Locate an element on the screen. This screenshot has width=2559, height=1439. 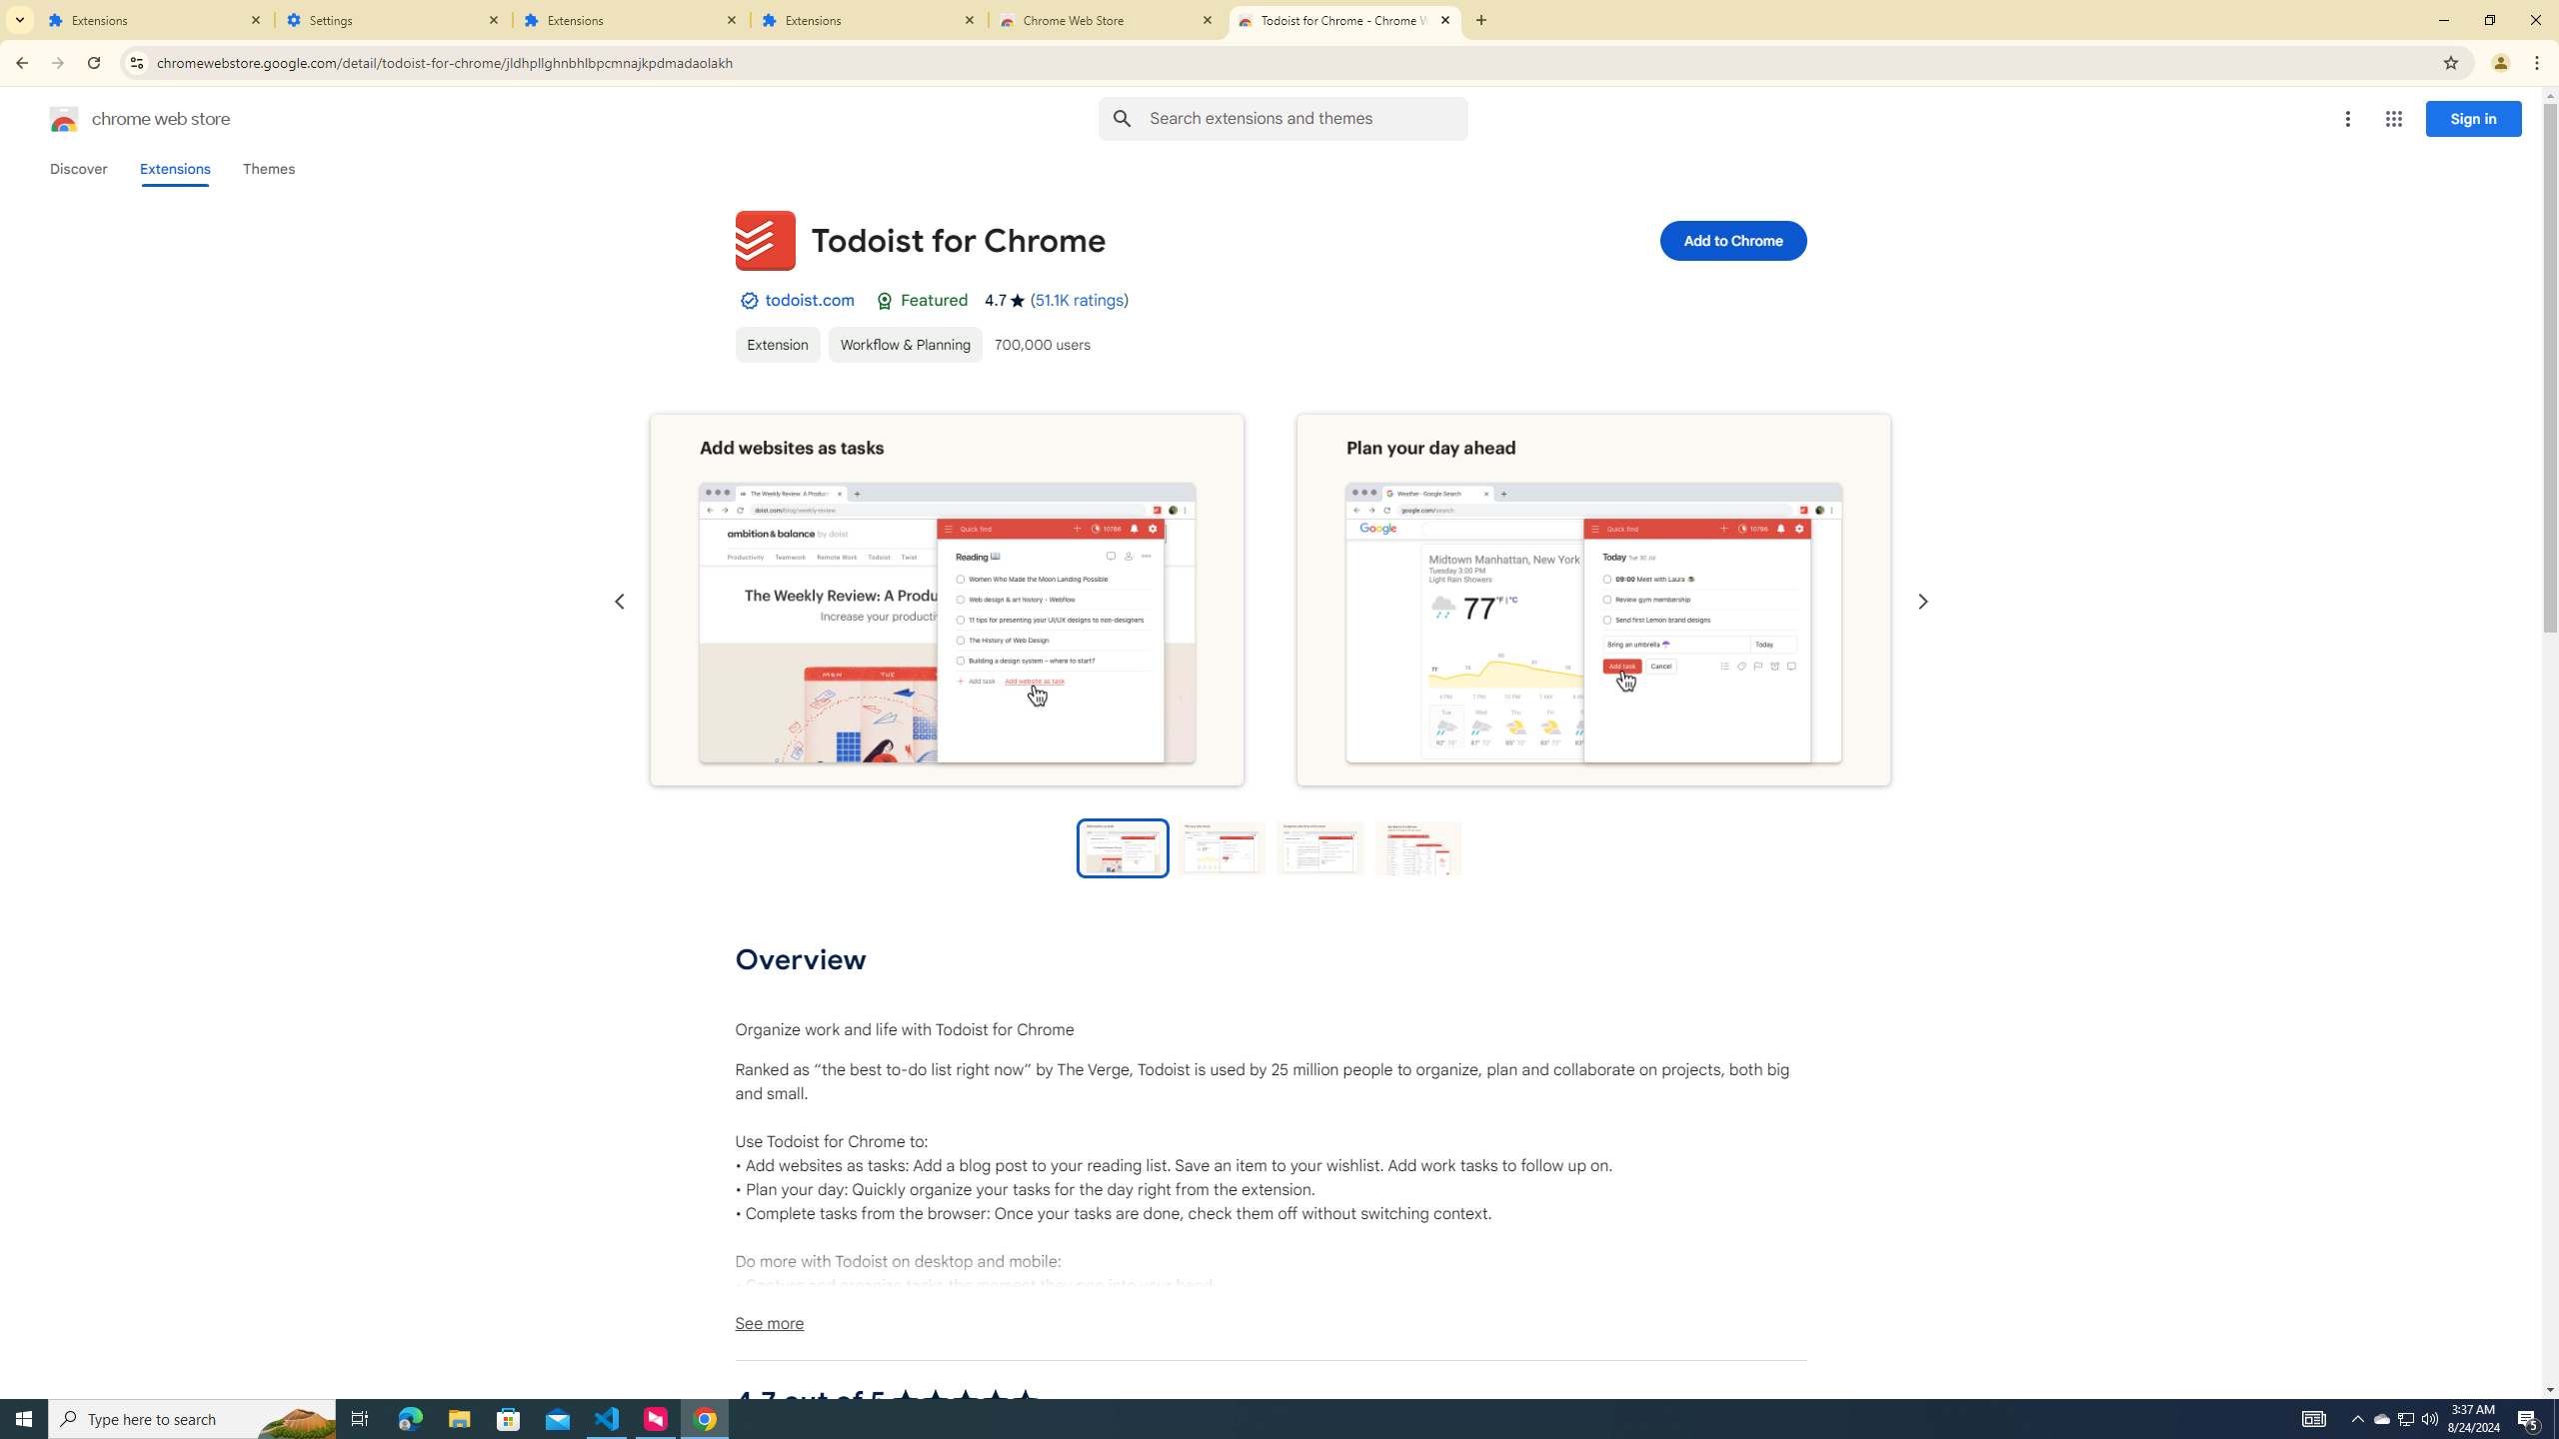
'Extensions' is located at coordinates (155, 19).